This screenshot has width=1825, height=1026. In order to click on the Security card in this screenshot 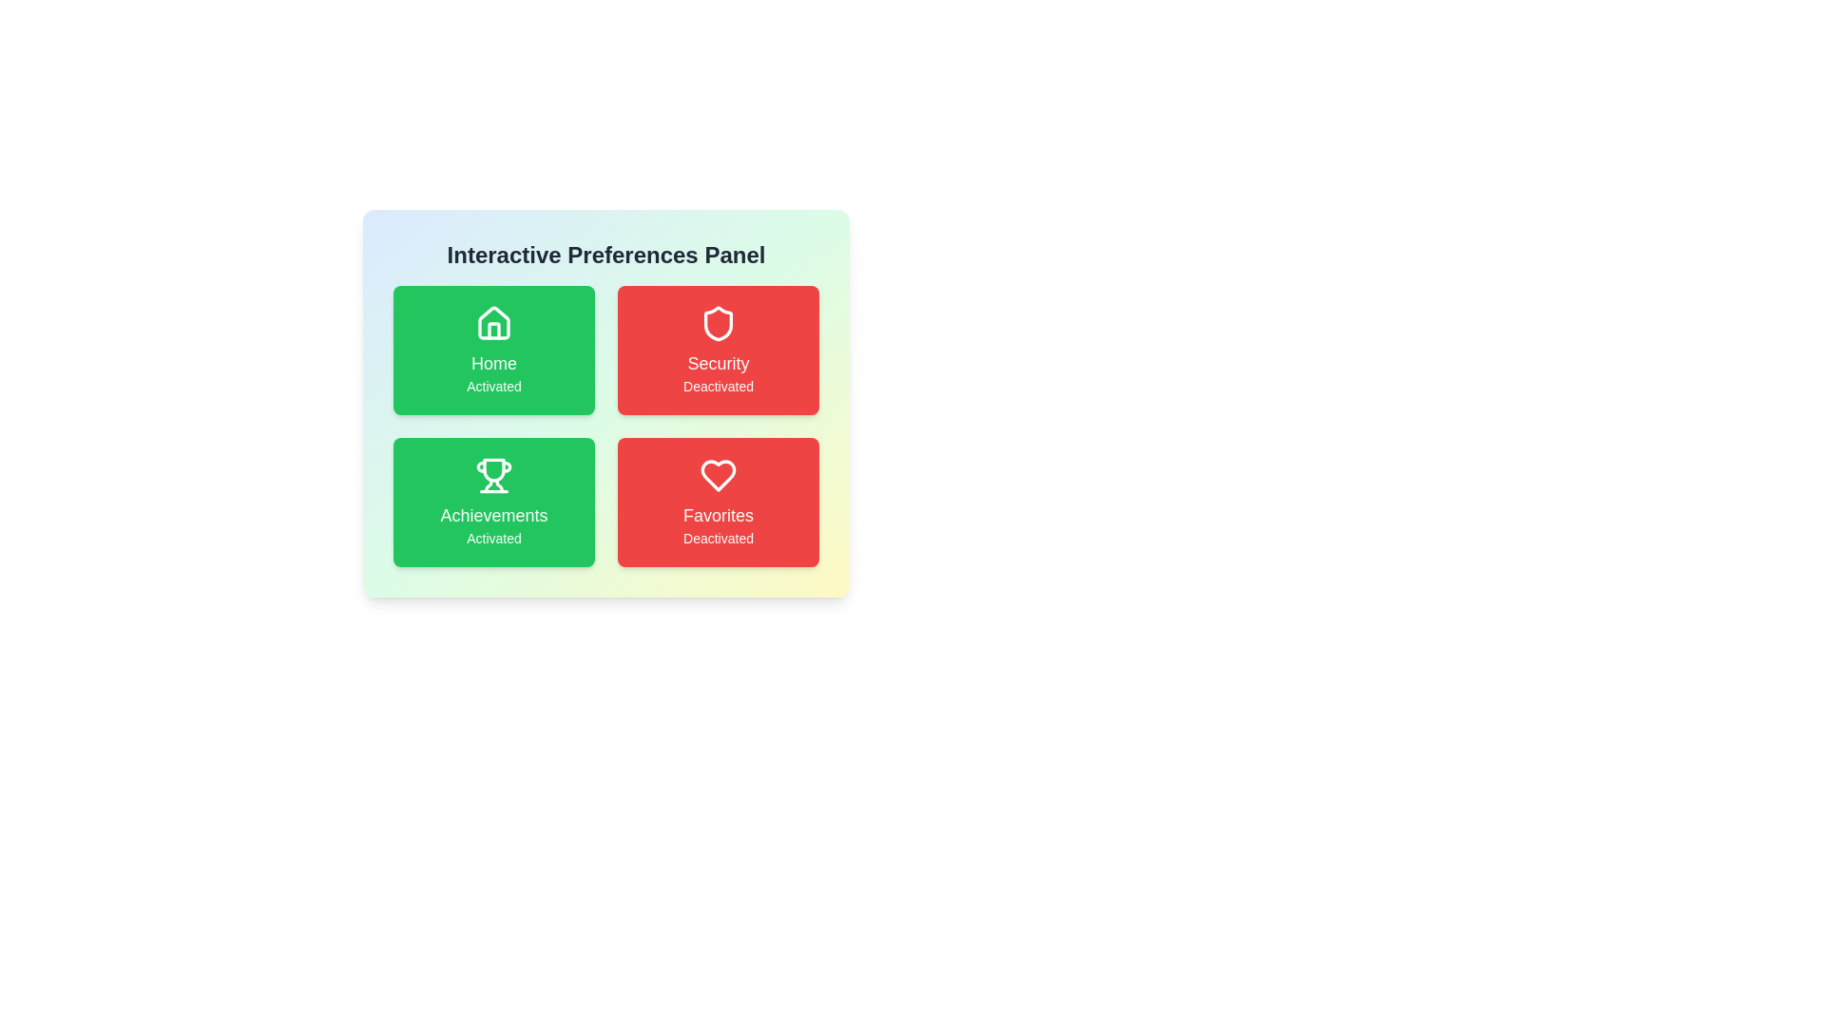, I will do `click(717, 351)`.